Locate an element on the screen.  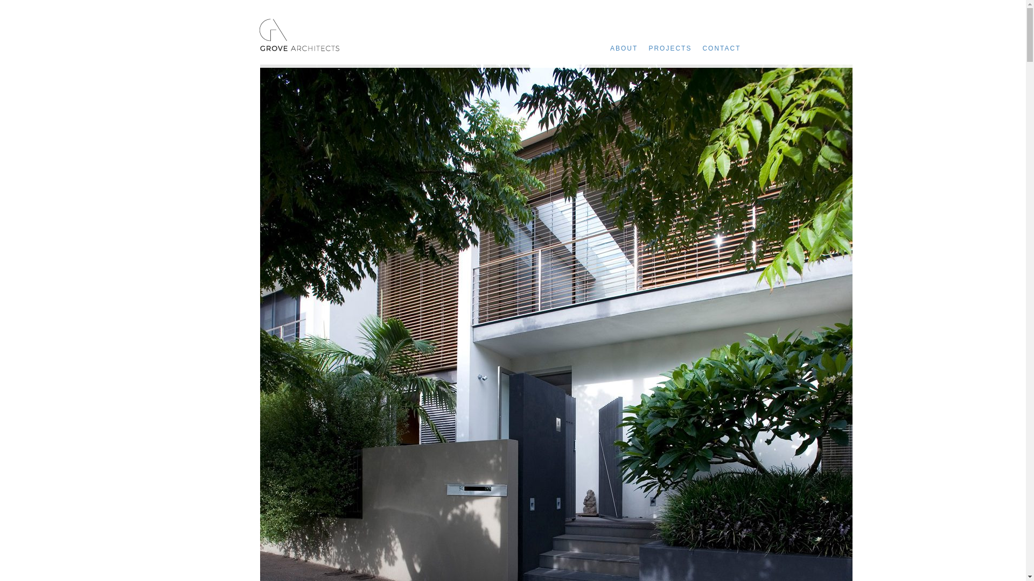
'Menu' is located at coordinates (757, 45).